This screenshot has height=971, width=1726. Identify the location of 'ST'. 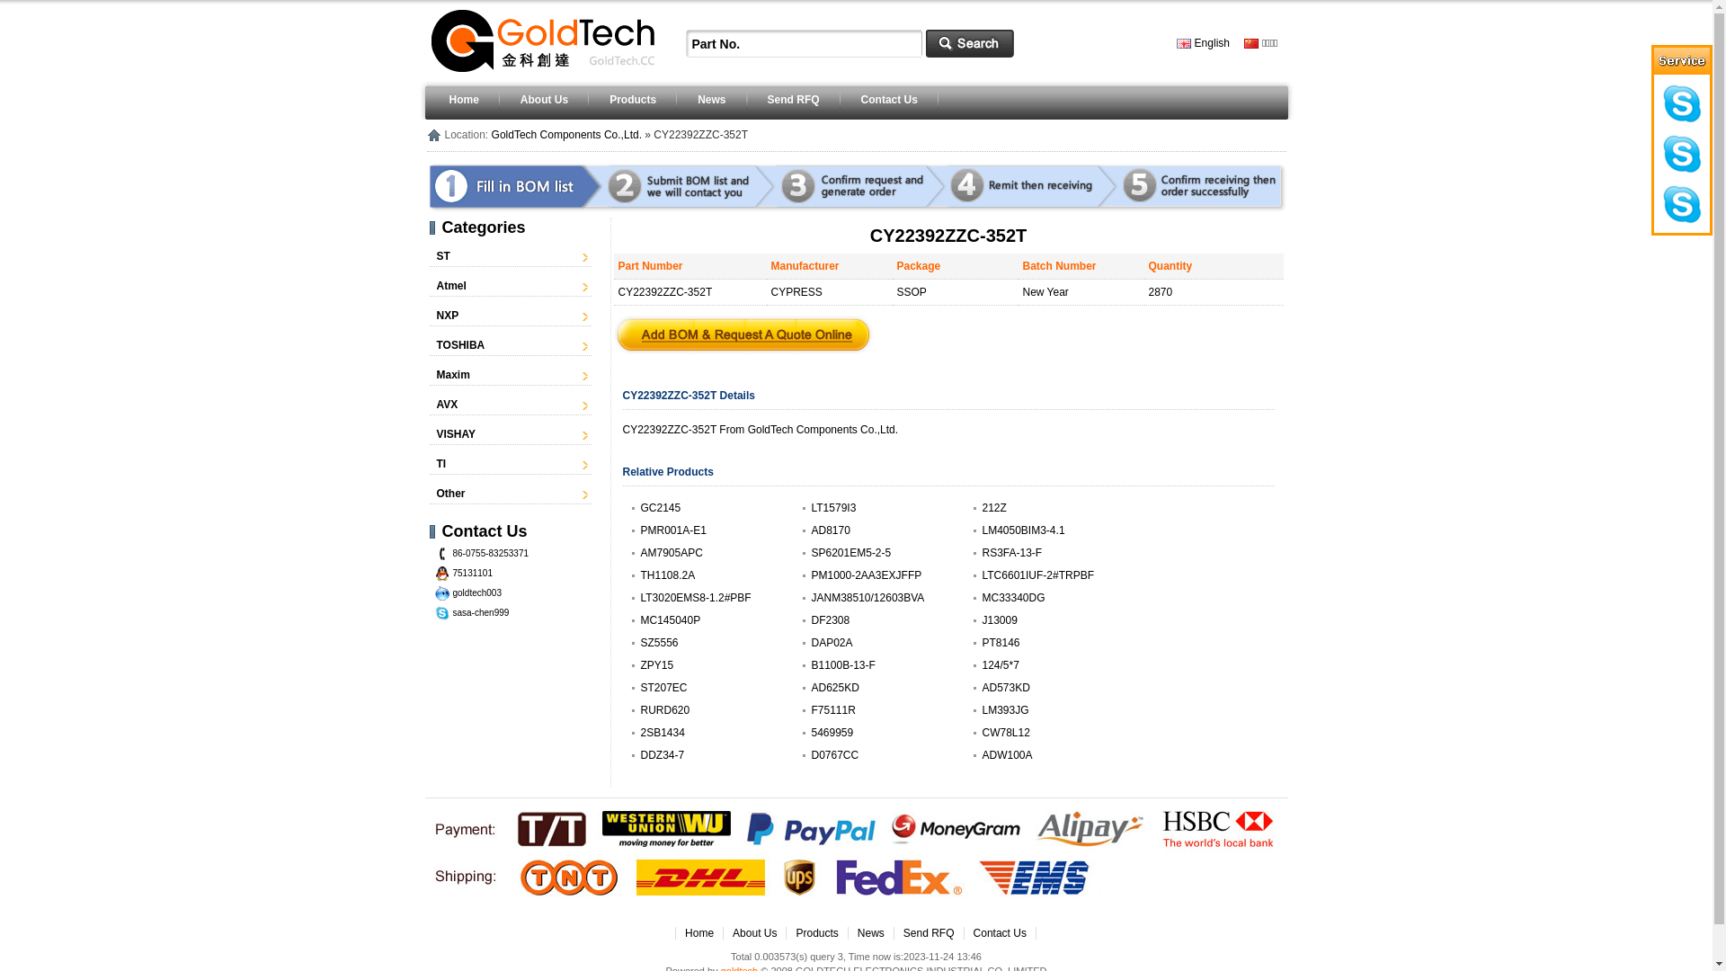
(443, 256).